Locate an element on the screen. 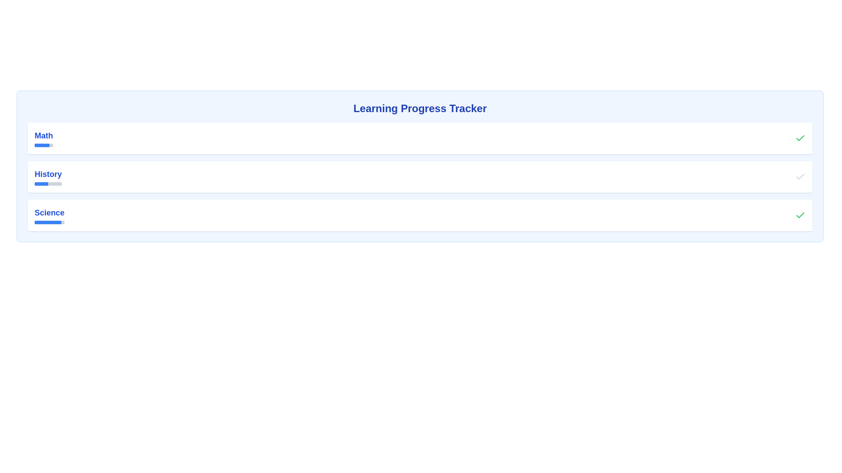 This screenshot has height=473, width=842. the bold, blue-colored text 'Math' located at the top of the learning progress tracker list is located at coordinates (43, 138).